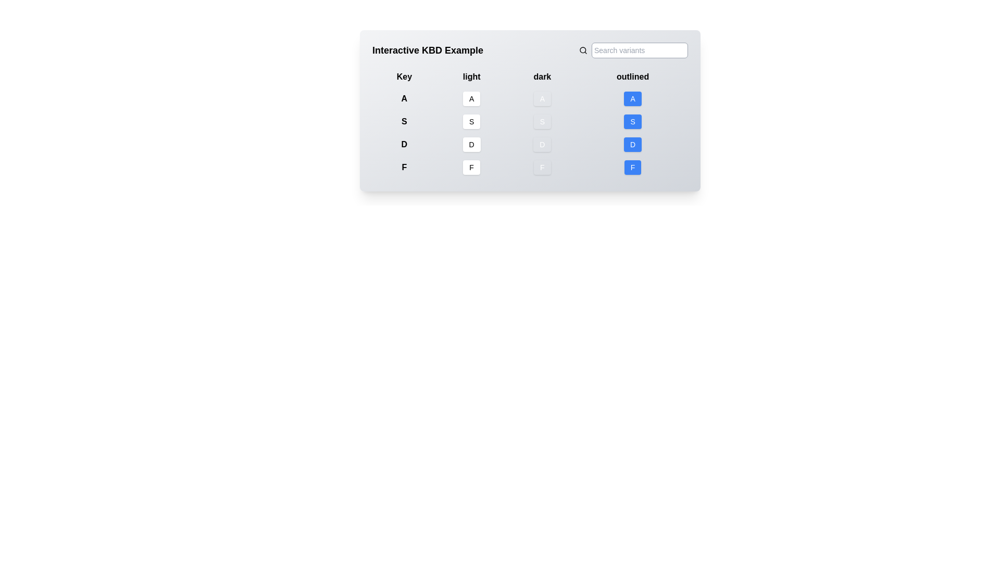 Image resolution: width=1000 pixels, height=562 pixels. Describe the element at coordinates (471, 98) in the screenshot. I see `the button representing the letter 'A' in the multi-column table layout under the 'light' column, aligned with the row labeled 'A' in the 'Key' column` at that location.